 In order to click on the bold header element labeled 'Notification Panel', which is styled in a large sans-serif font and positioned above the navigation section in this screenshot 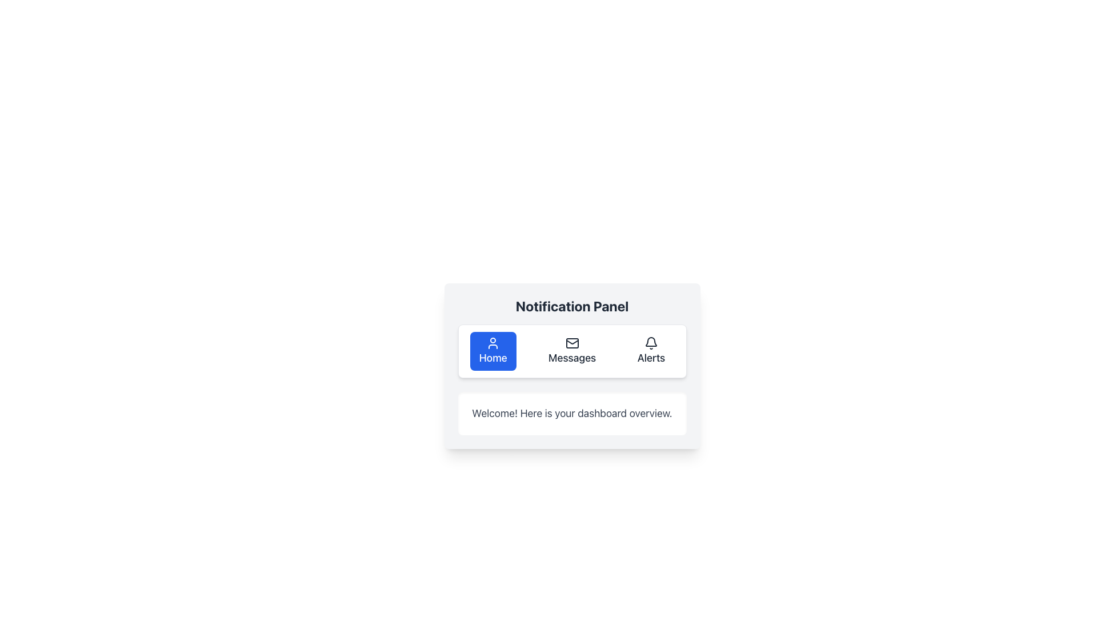, I will do `click(572, 306)`.